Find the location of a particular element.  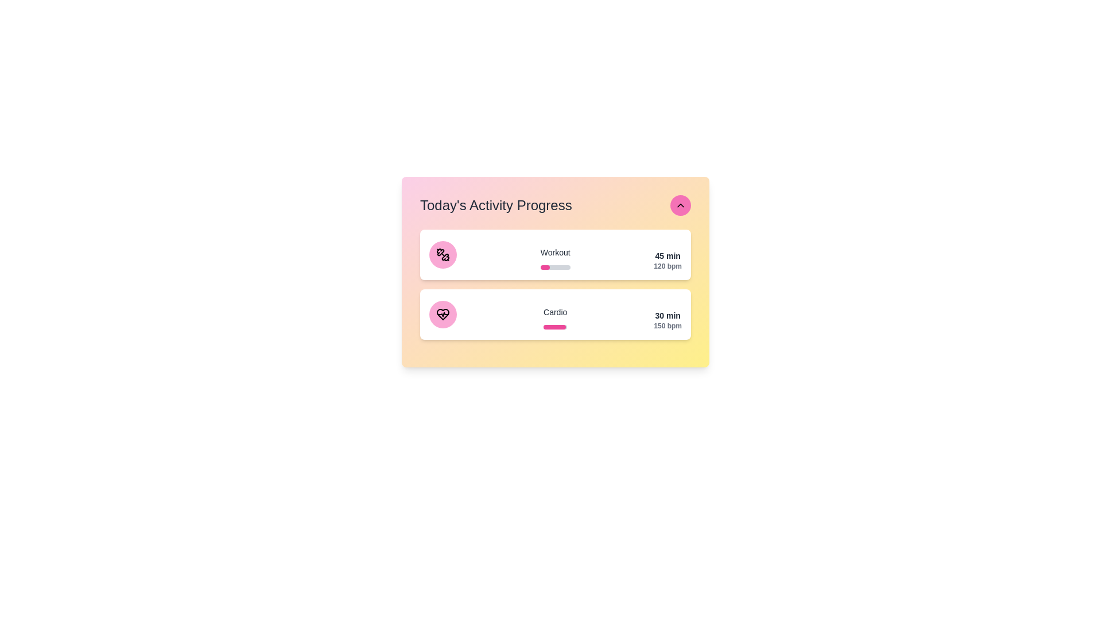

the 'Cardio' label, which is displayed in a smaller gray font beside a heart icon in the 'Today's Activity Progress' section is located at coordinates (555, 312).